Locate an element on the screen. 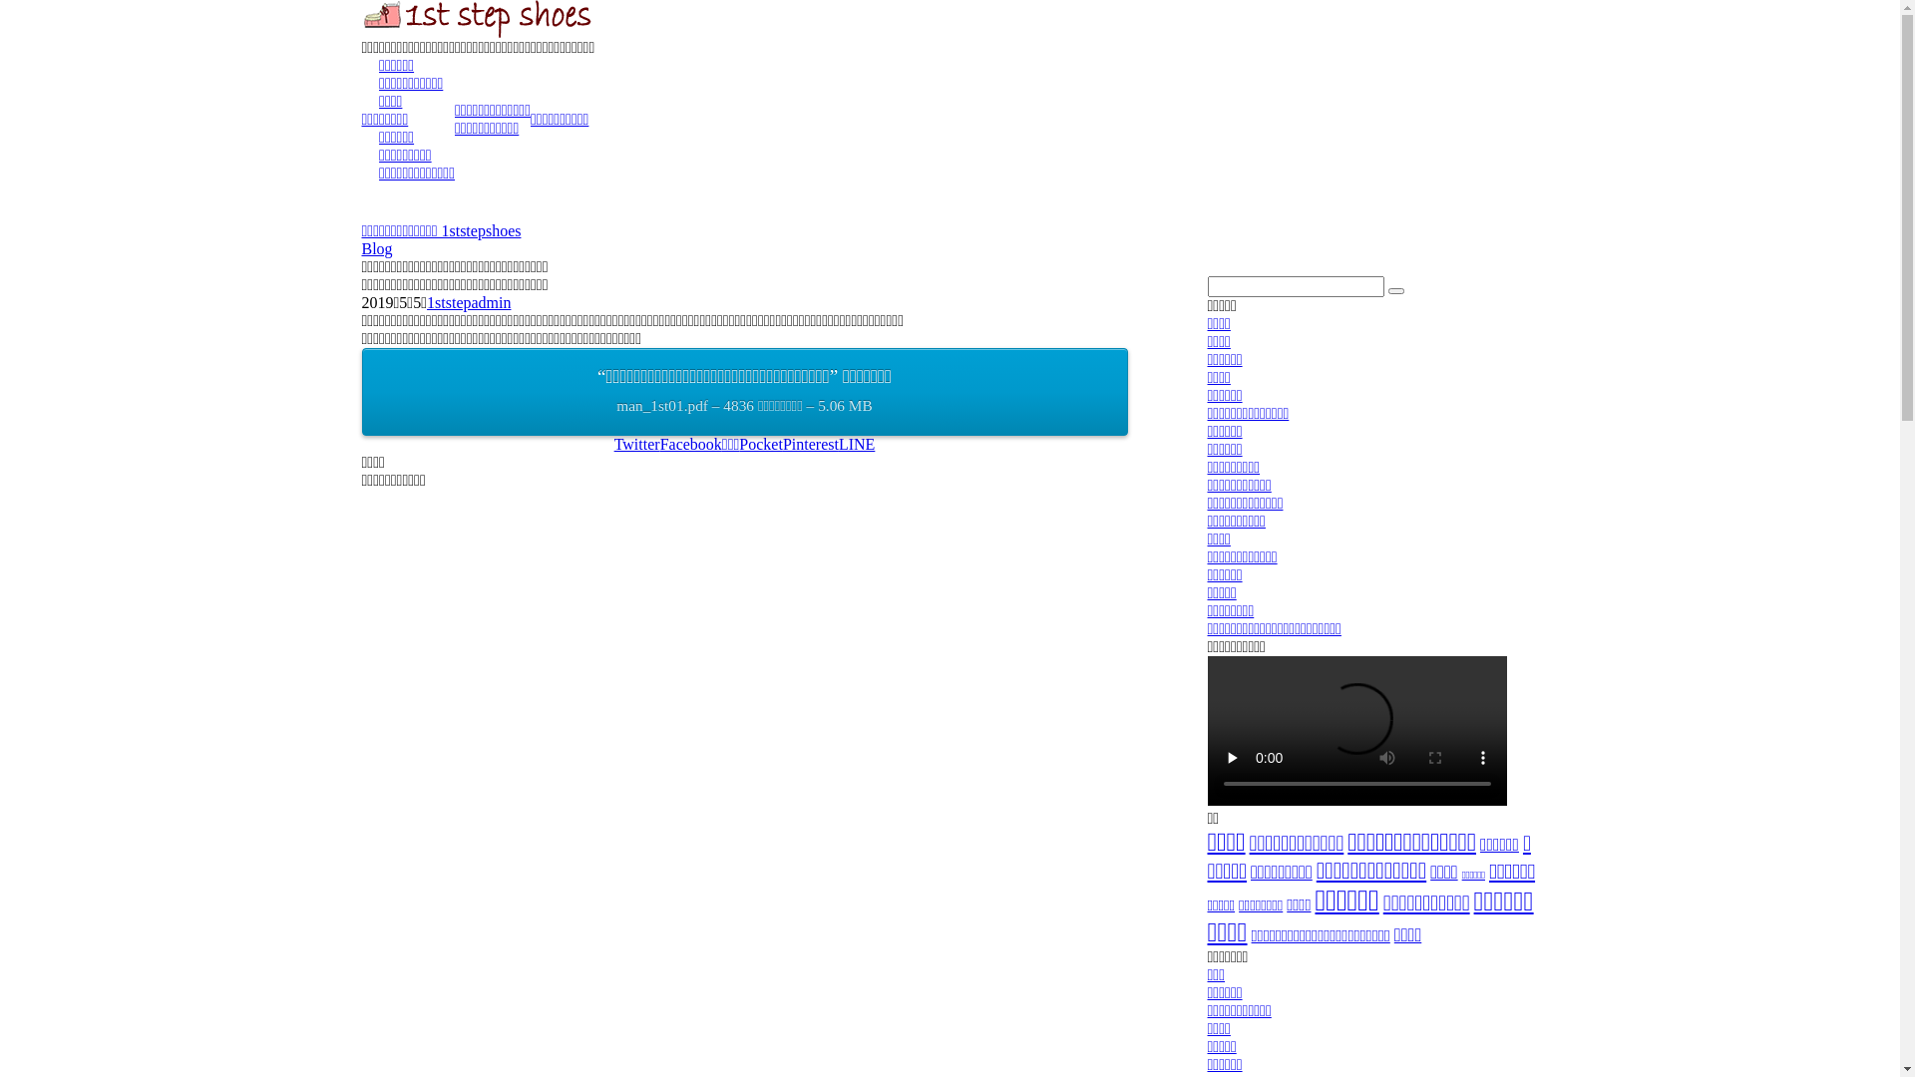 This screenshot has height=1077, width=1915. 'Blog' is located at coordinates (376, 247).